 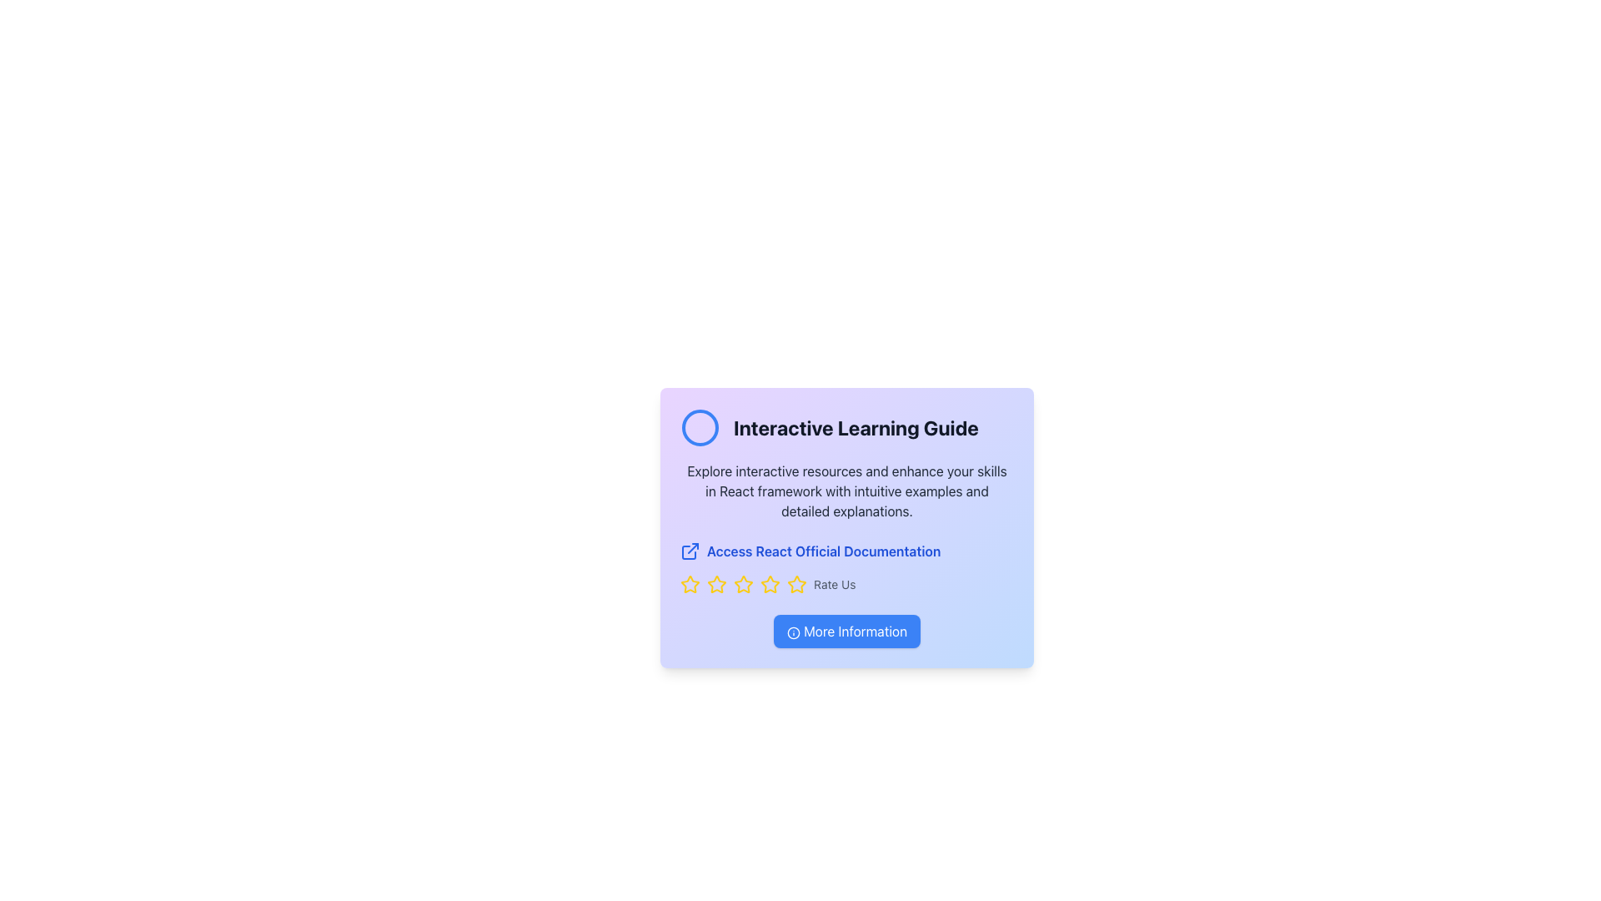 I want to click on the second star icon in the rating system, so click(x=716, y=583).